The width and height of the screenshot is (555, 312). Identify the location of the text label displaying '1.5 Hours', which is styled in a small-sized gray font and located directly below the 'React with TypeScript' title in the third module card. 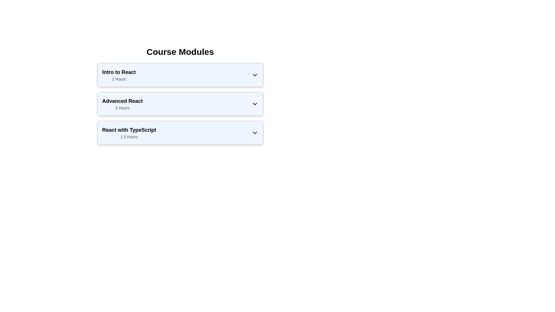
(129, 137).